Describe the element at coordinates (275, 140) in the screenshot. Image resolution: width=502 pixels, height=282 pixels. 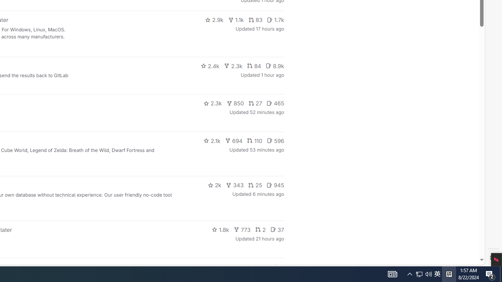
I see `'596'` at that location.